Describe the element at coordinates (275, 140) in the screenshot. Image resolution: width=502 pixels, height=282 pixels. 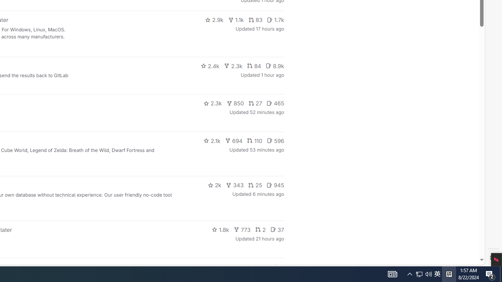
I see `'596'` at that location.